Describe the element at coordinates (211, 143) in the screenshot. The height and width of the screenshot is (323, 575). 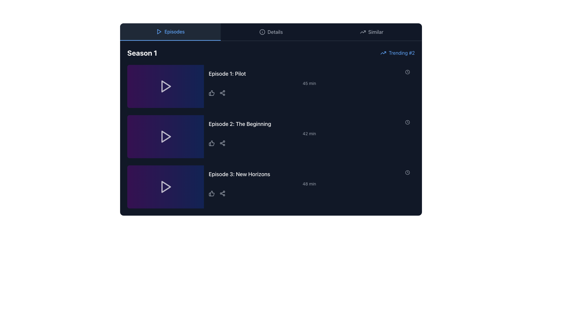
I see `the thumbs-up icon, which is a light gray outline of a hand in a gesture of approval, located next to 'Episode 2: The Beginning' to like the episode` at that location.